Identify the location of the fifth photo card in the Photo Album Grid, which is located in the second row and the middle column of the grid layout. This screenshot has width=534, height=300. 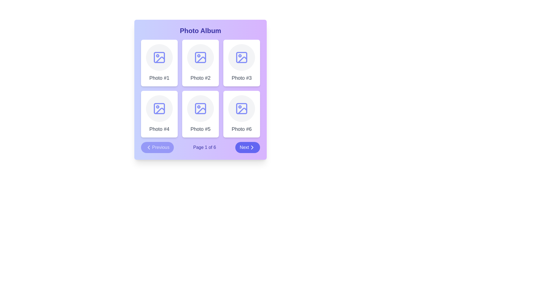
(200, 89).